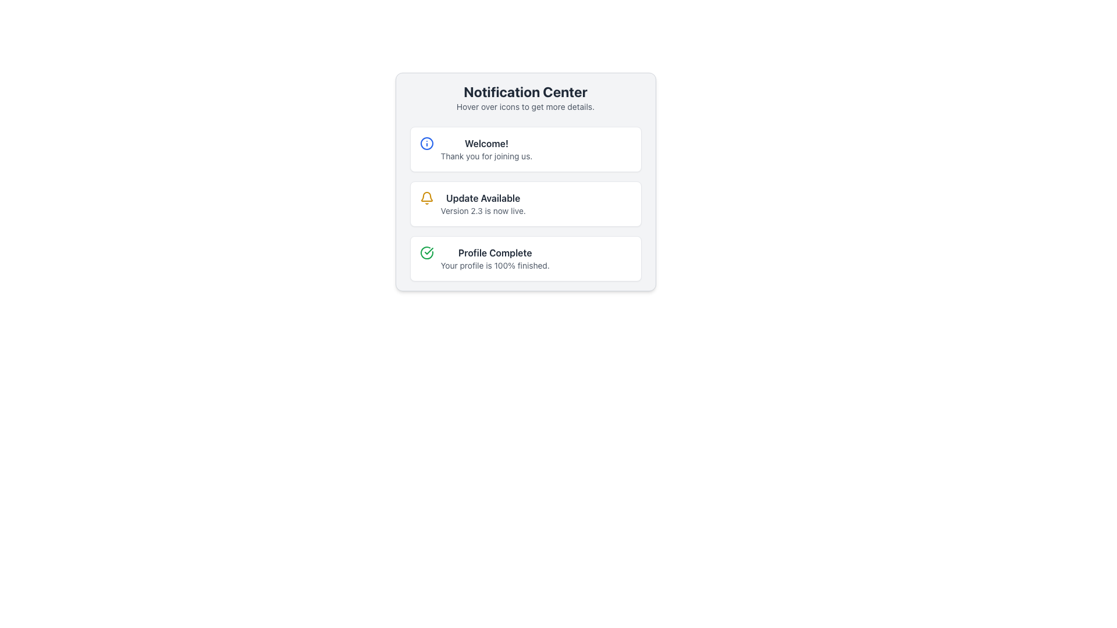 The height and width of the screenshot is (628, 1117). I want to click on the main heading text element that indicates the context of the notification center, positioned at the top of the layout, so click(525, 91).